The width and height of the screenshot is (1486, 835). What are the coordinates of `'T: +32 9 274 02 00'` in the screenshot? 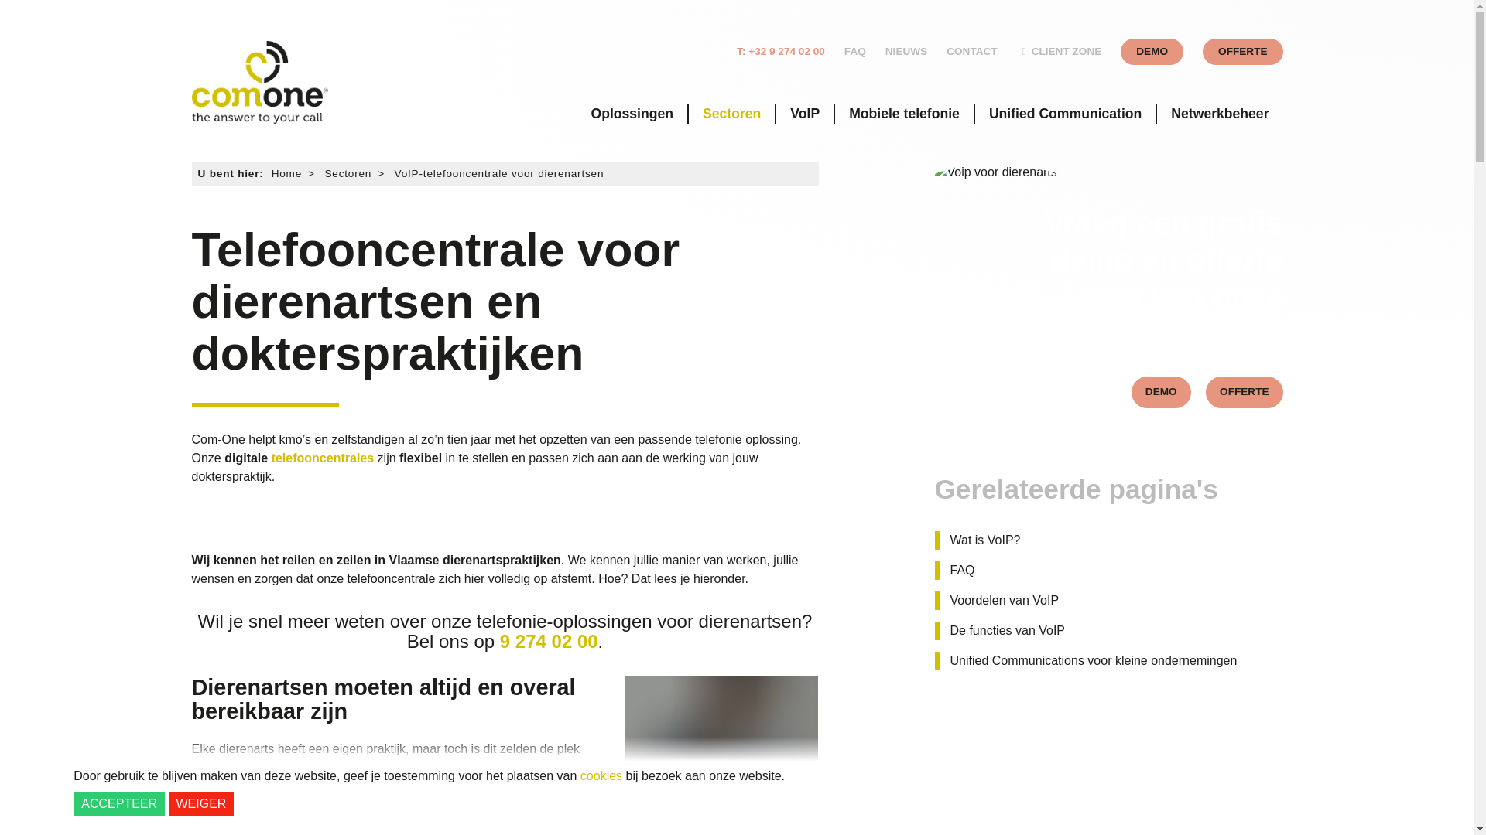 It's located at (735, 50).